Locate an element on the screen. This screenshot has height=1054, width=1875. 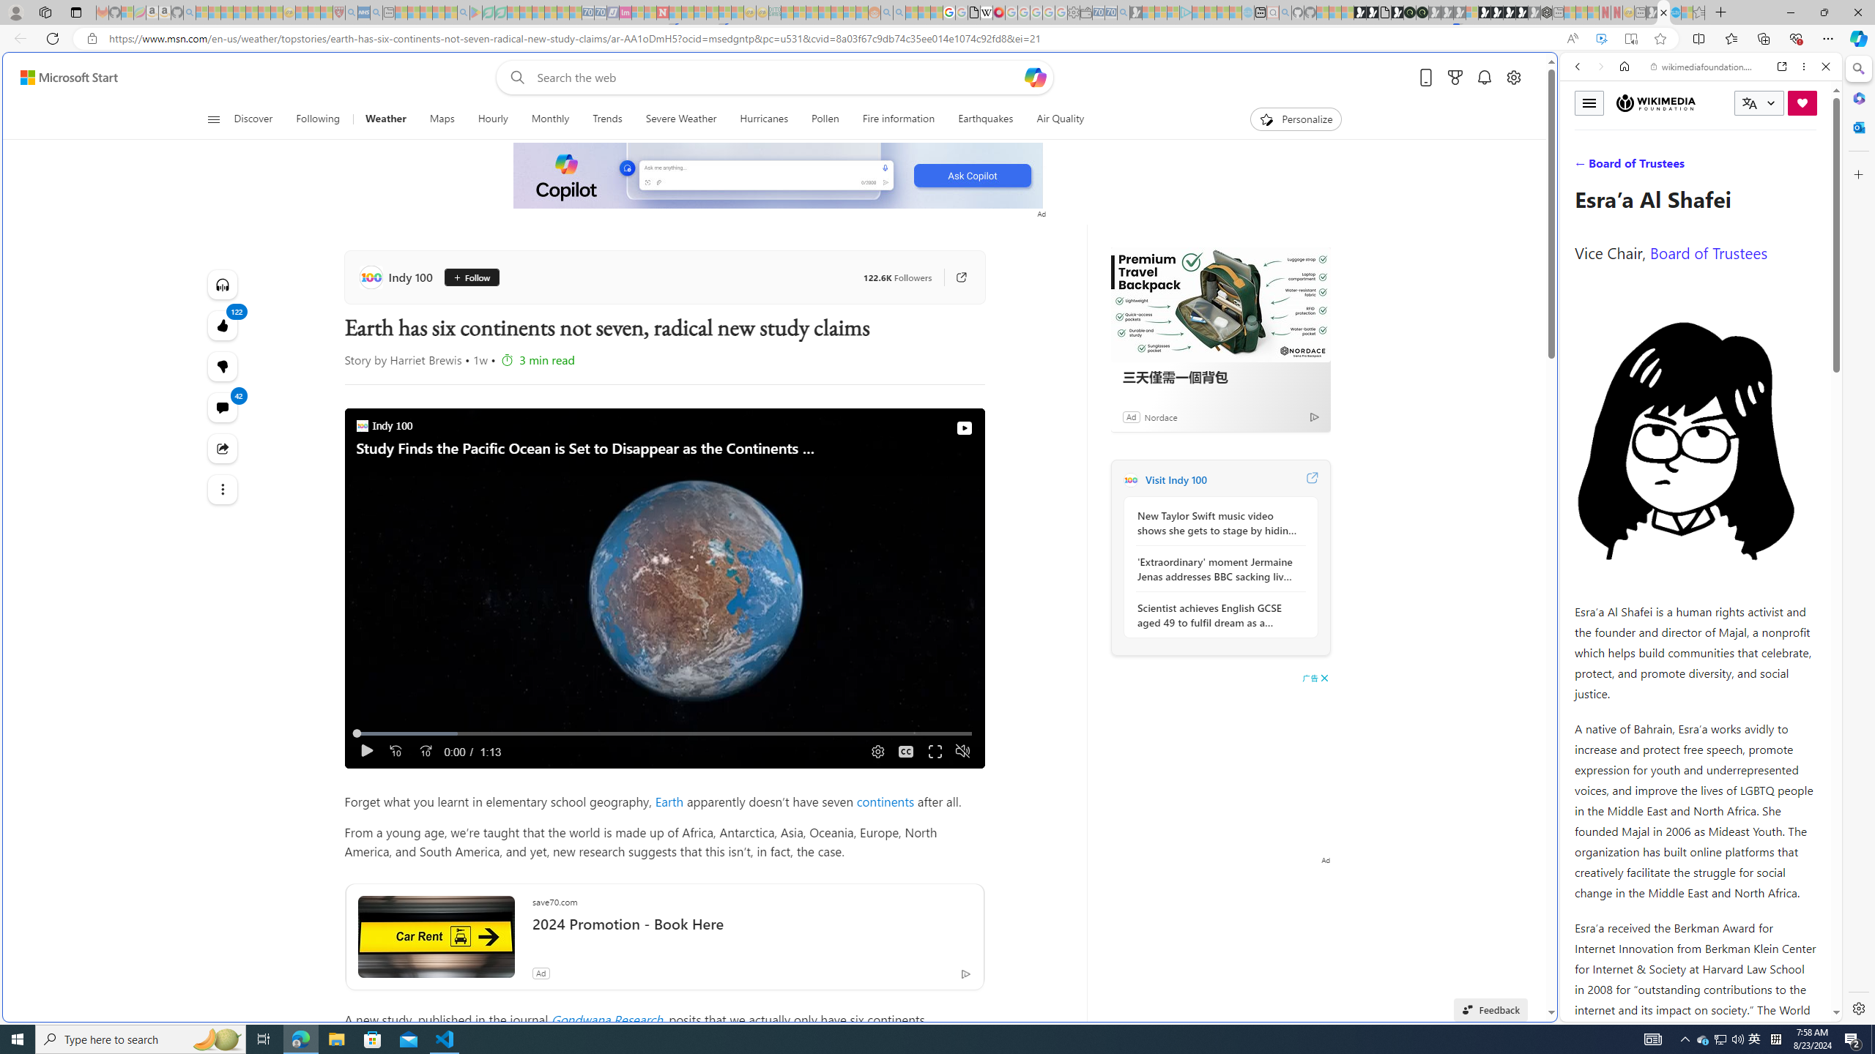
'continents' is located at coordinates (885, 801).